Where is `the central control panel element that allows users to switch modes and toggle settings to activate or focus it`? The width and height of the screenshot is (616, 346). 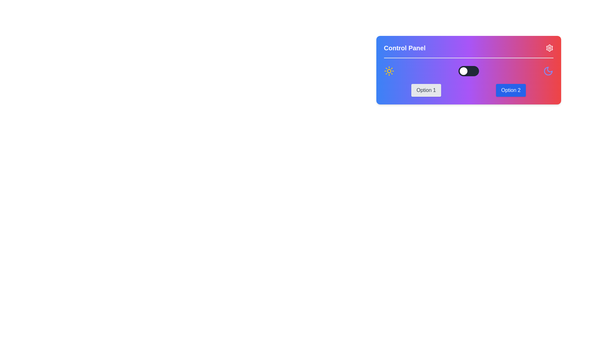
the central control panel element that allows users to switch modes and toggle settings to activate or focus it is located at coordinates (468, 70).